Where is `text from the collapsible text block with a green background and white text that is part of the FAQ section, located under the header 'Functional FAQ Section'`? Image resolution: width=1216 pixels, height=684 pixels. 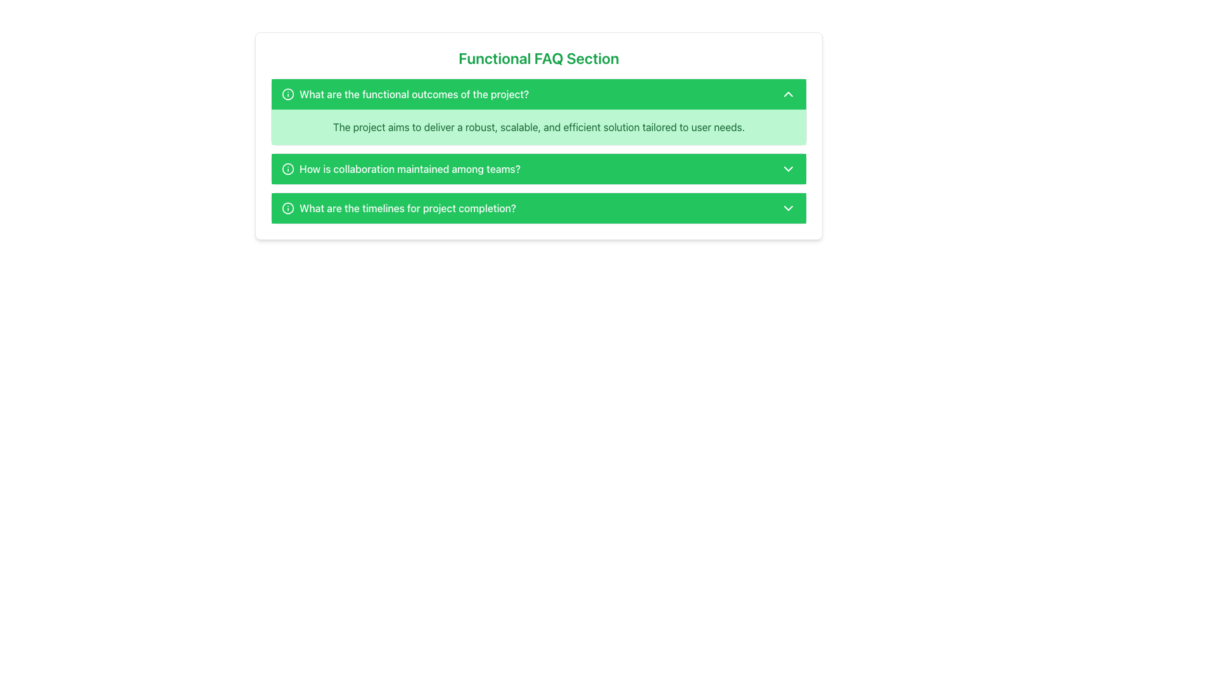
text from the collapsible text block with a green background and white text that is part of the FAQ section, located under the header 'Functional FAQ Section' is located at coordinates (538, 151).